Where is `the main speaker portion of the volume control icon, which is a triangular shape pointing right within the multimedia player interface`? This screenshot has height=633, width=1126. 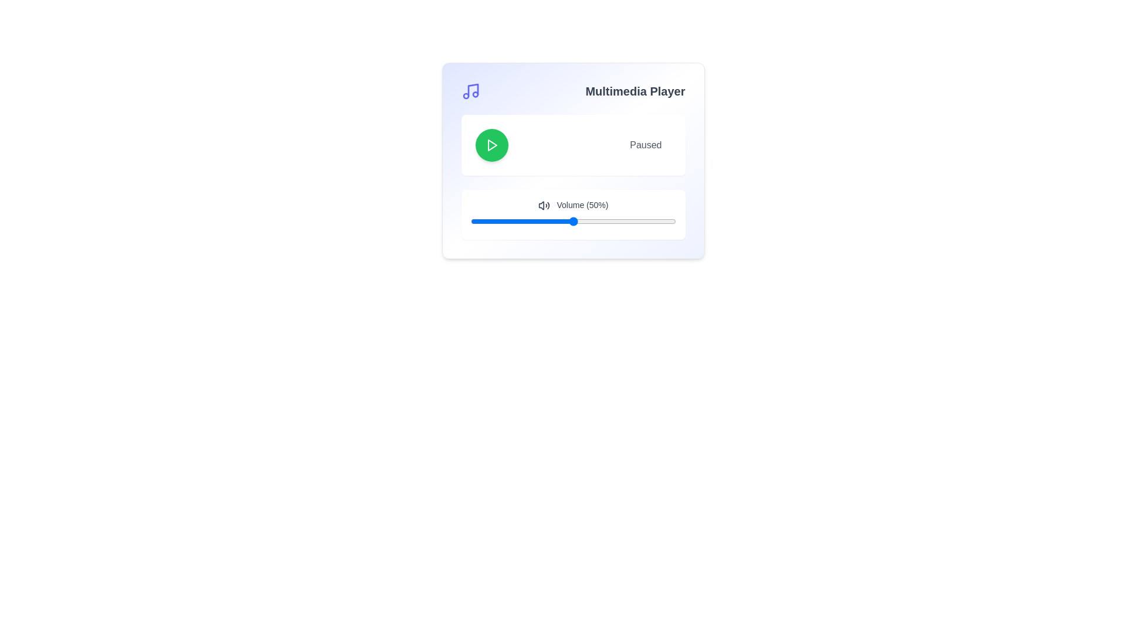
the main speaker portion of the volume control icon, which is a triangular shape pointing right within the multimedia player interface is located at coordinates (540, 205).